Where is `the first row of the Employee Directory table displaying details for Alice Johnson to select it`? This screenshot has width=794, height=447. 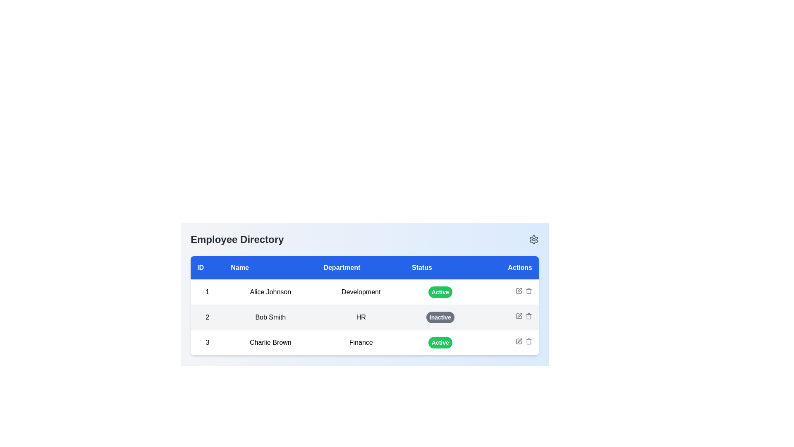
the first row of the Employee Directory table displaying details for Alice Johnson to select it is located at coordinates (364, 291).